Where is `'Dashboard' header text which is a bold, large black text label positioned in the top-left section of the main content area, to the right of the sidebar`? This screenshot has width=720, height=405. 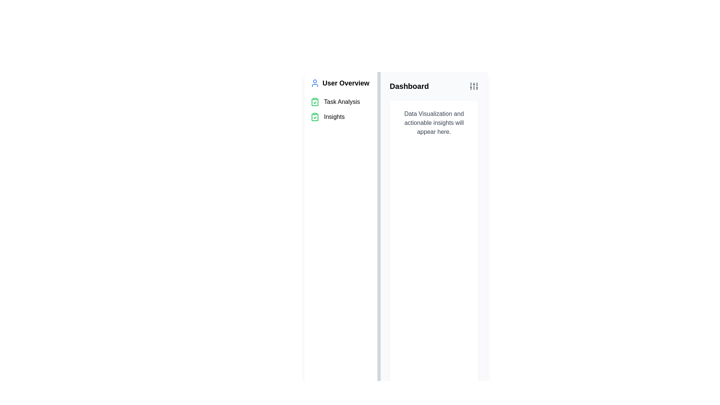 'Dashboard' header text which is a bold, large black text label positioned in the top-left section of the main content area, to the right of the sidebar is located at coordinates (409, 86).